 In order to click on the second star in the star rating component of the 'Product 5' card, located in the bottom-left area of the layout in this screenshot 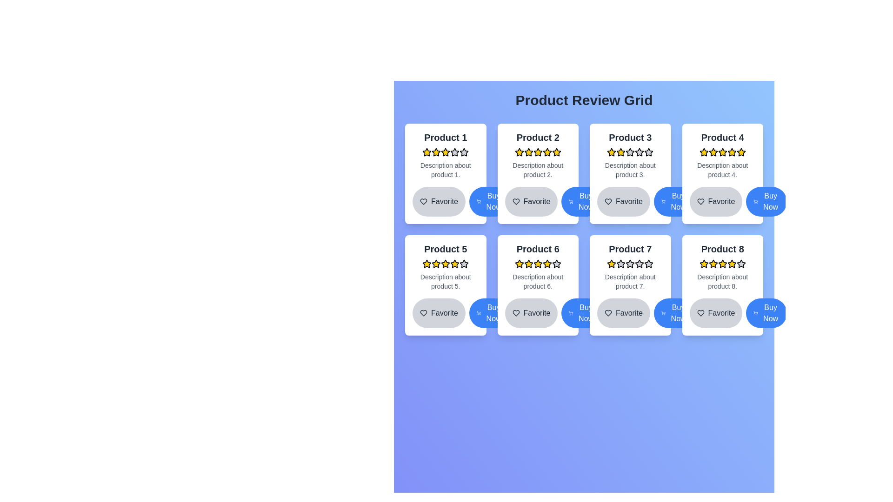, I will do `click(455, 264)`.